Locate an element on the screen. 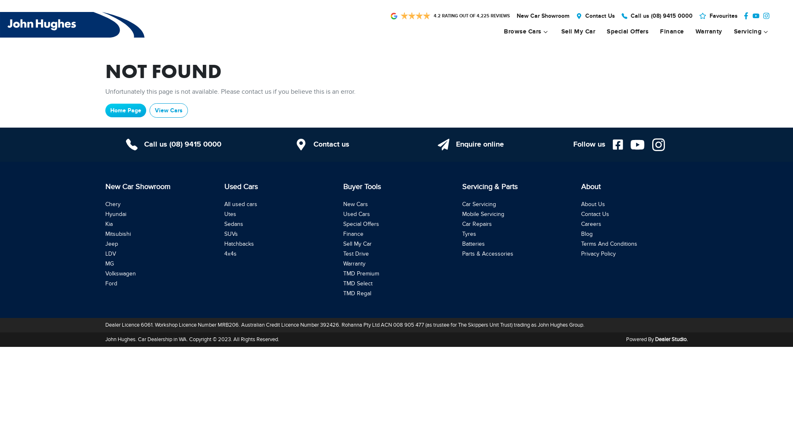 Image resolution: width=793 pixels, height=446 pixels. 'TMD Select' is located at coordinates (358, 283).